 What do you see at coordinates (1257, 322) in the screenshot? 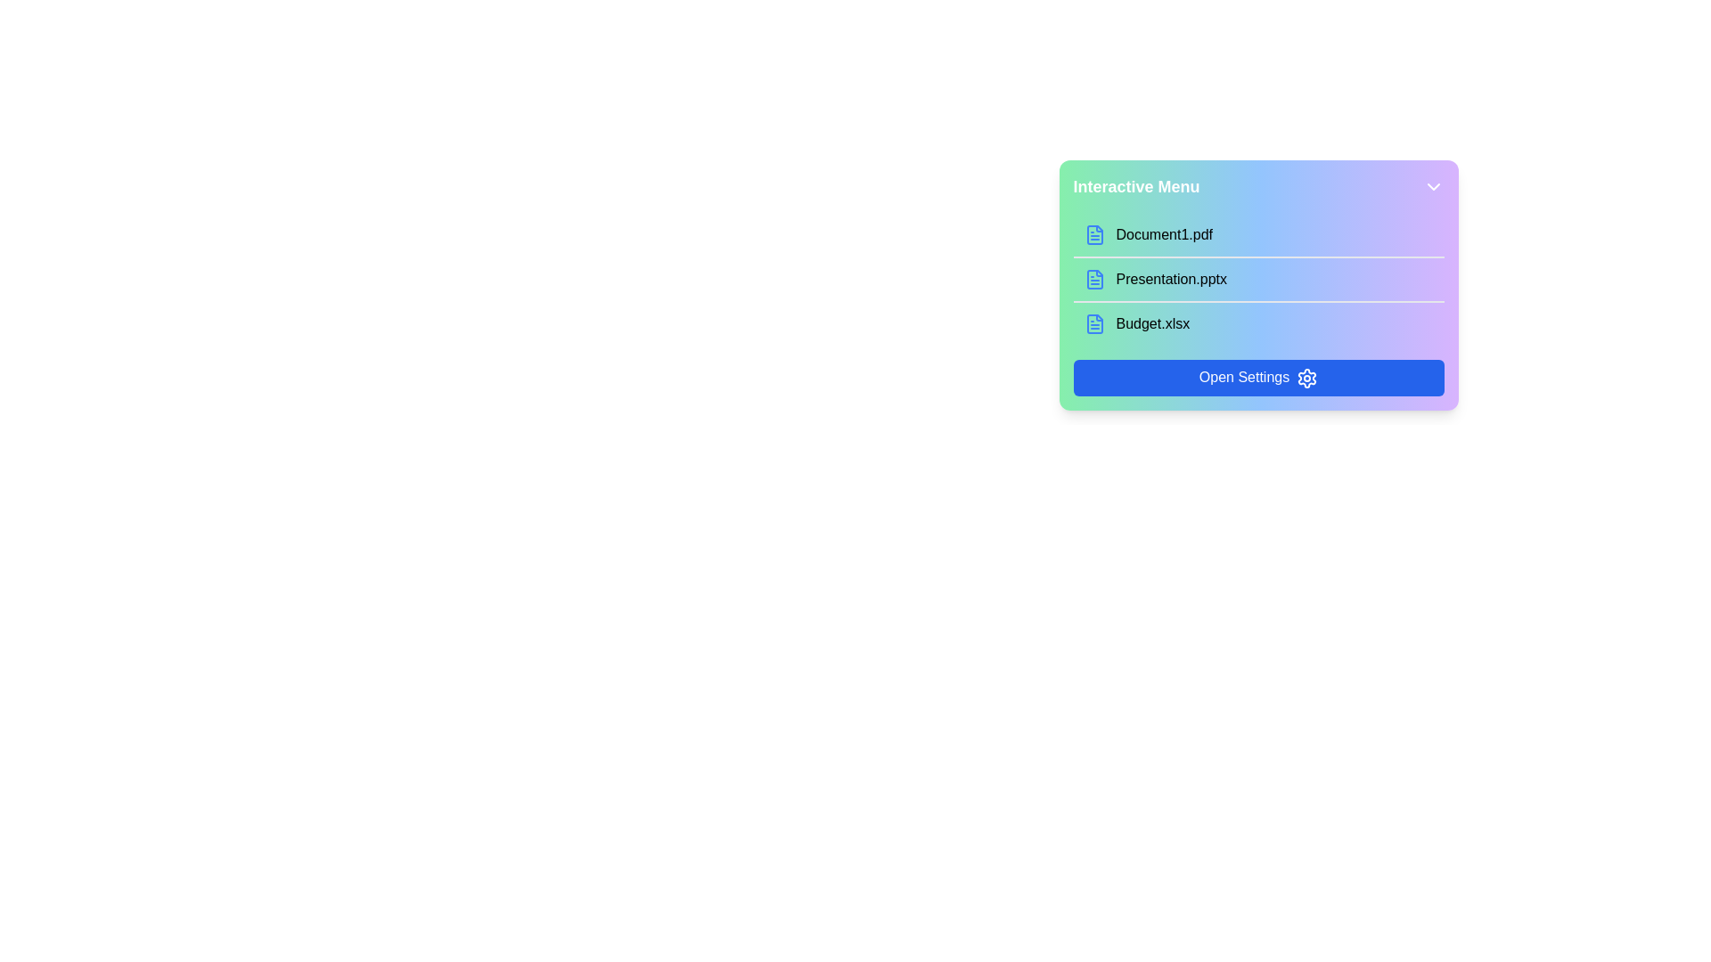
I see `the list item displaying 'Budget.xlsx'` at bounding box center [1257, 322].